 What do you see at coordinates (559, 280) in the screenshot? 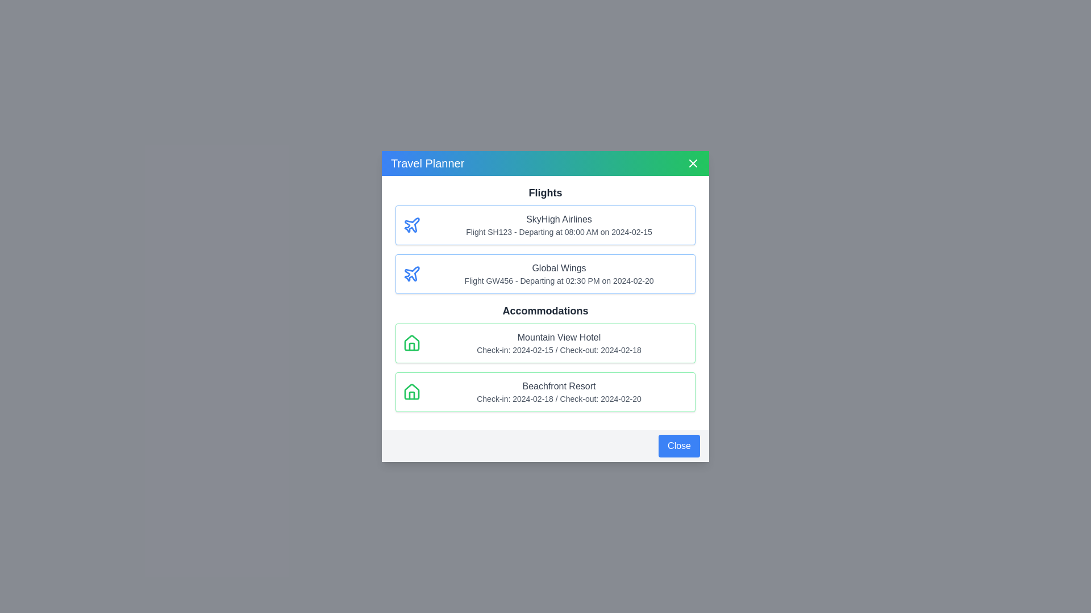
I see `flight details from the Text Label located below the title 'Global Wings' in the 'Flights' section of the travel planner interface` at bounding box center [559, 280].